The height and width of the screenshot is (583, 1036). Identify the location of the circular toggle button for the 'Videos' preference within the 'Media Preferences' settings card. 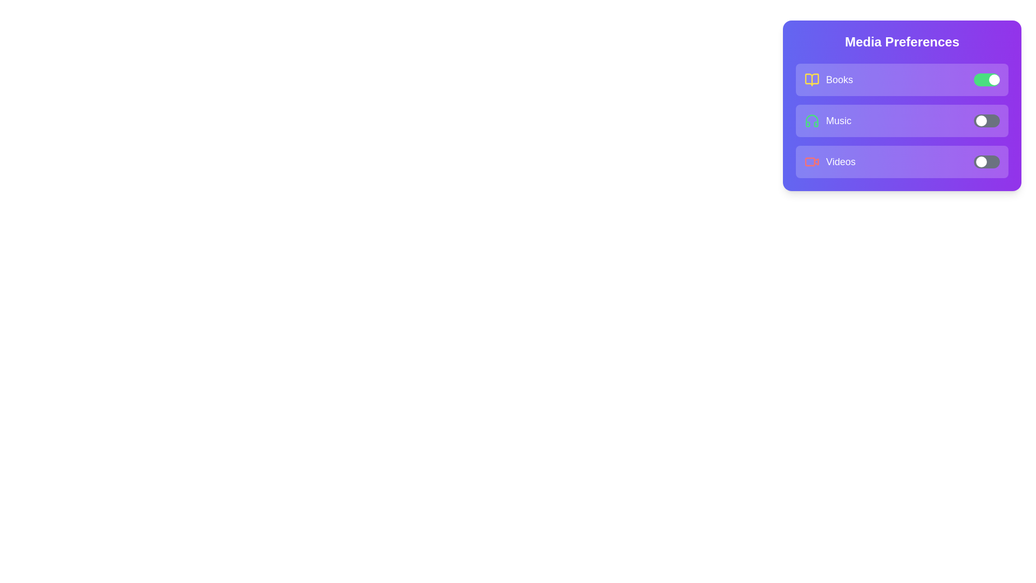
(982, 162).